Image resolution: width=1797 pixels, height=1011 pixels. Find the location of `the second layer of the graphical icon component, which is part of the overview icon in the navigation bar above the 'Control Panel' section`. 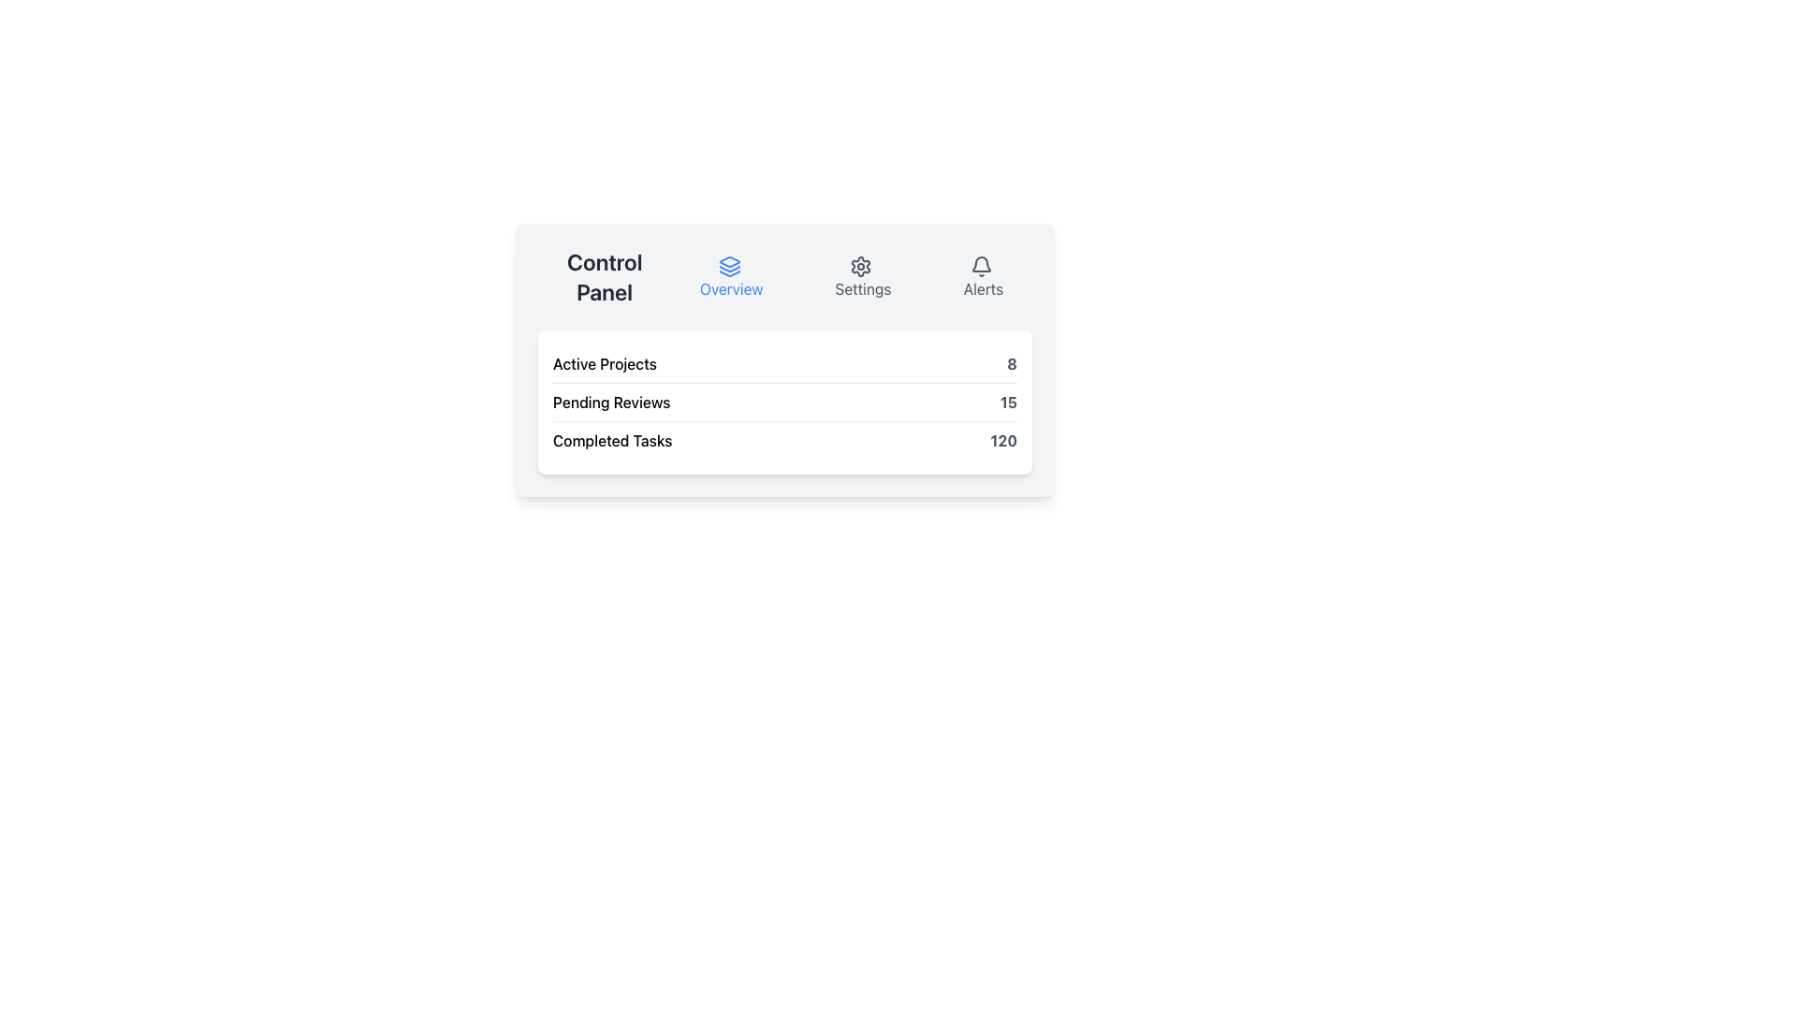

the second layer of the graphical icon component, which is part of the overview icon in the navigation bar above the 'Control Panel' section is located at coordinates (728, 269).